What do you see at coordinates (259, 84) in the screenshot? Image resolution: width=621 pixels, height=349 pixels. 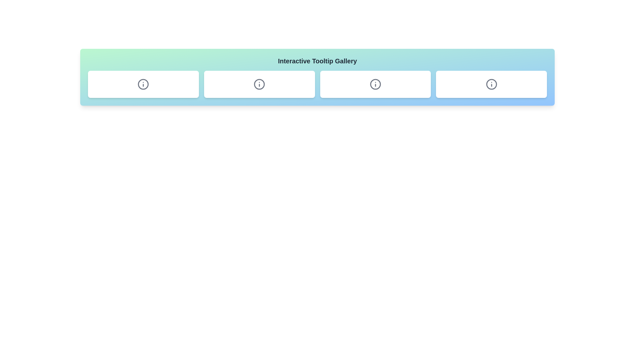 I see `the interactive information icon with an 'i' symbol, which is the second icon in a grid of four, to initiate further interaction` at bounding box center [259, 84].